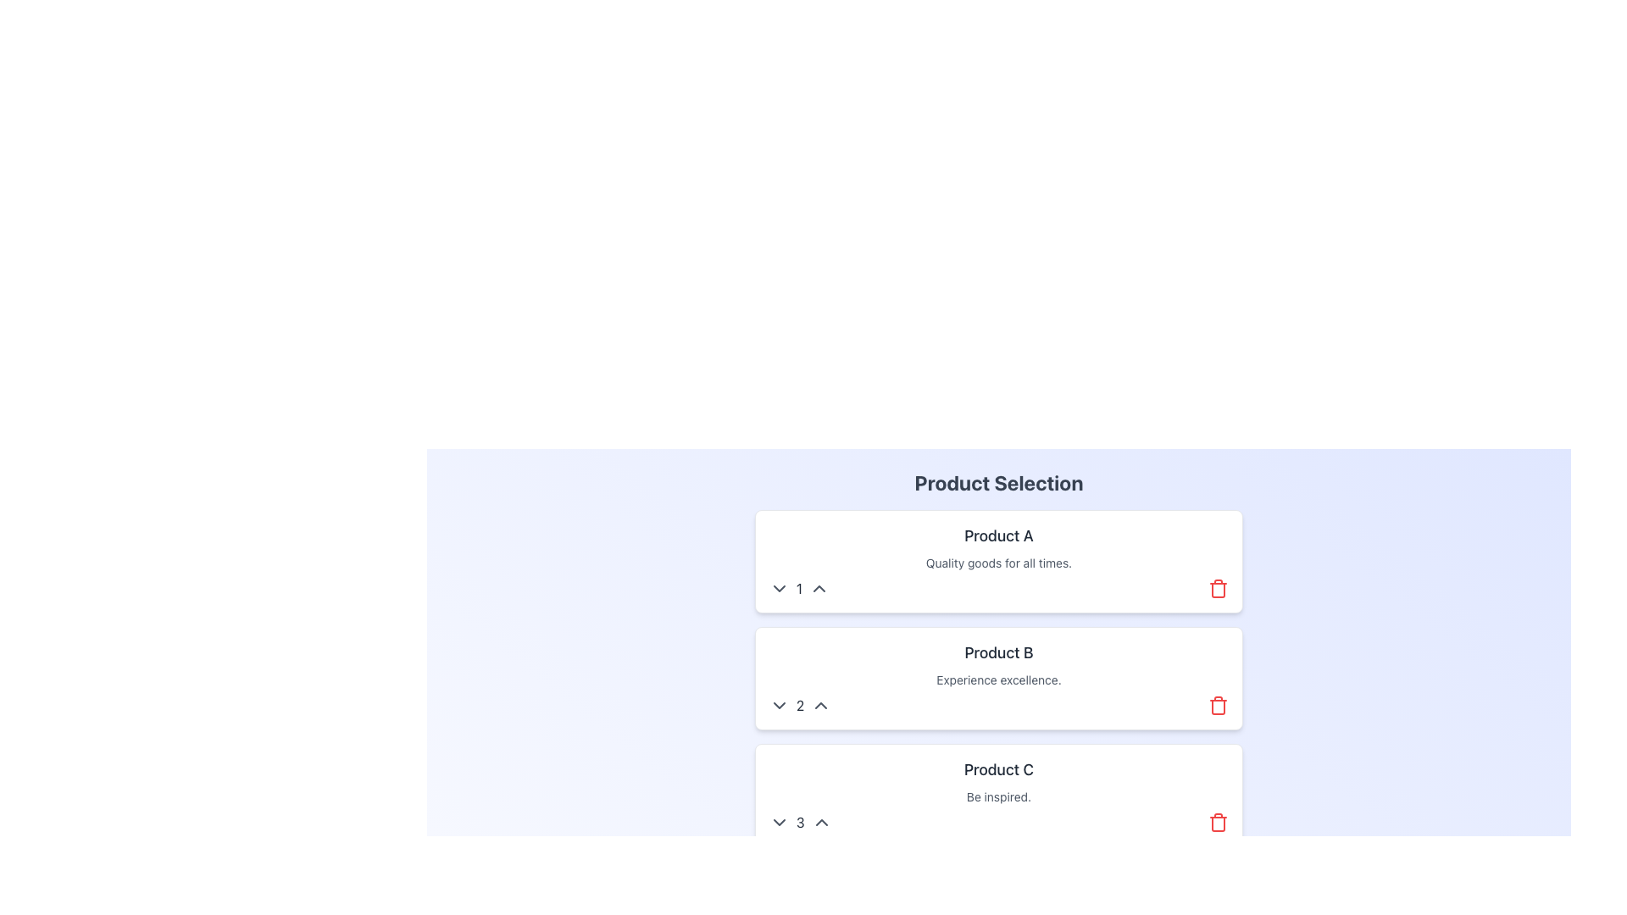  I want to click on the static text displaying 'Quality goods for all times.' which is styled as a subheading and located directly below 'Product A.', so click(999, 563).